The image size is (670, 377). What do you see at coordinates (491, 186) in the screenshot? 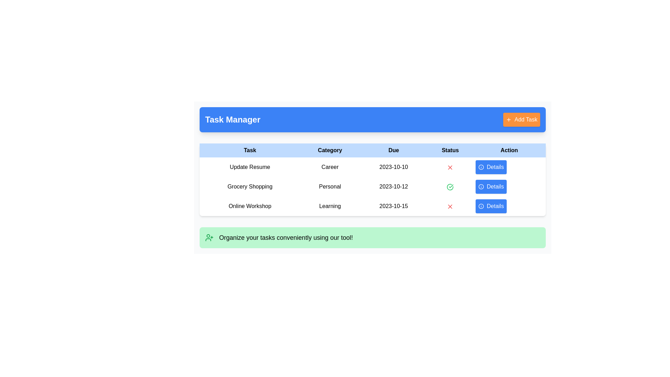
I see `the button in the last column of the 'Action' section of the table, located in the second row next to 'Grocery Shopping'` at bounding box center [491, 186].